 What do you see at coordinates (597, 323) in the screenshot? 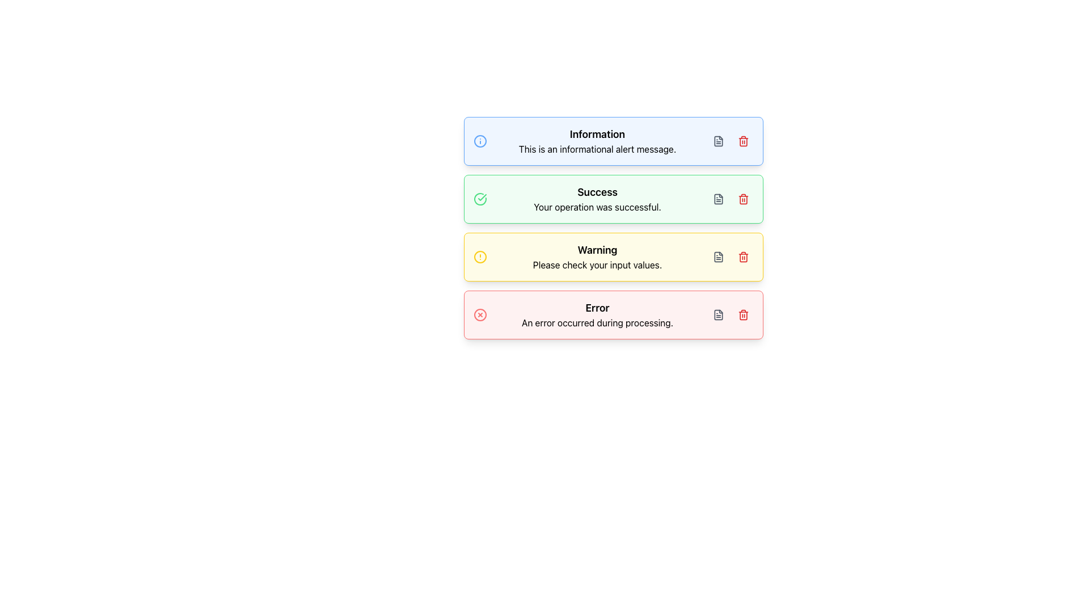
I see `detailed error message from the Text label located in the lower section of the 'Error' alert box, beneath the header text 'Error'` at bounding box center [597, 323].